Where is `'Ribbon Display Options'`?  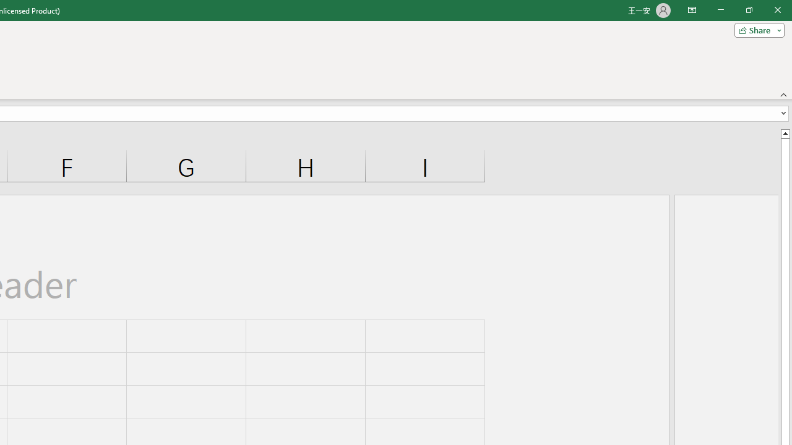 'Ribbon Display Options' is located at coordinates (691, 10).